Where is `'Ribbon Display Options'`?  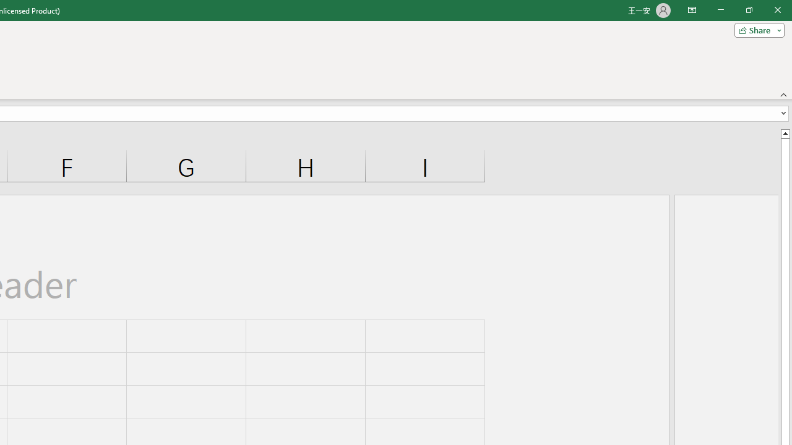 'Ribbon Display Options' is located at coordinates (691, 10).